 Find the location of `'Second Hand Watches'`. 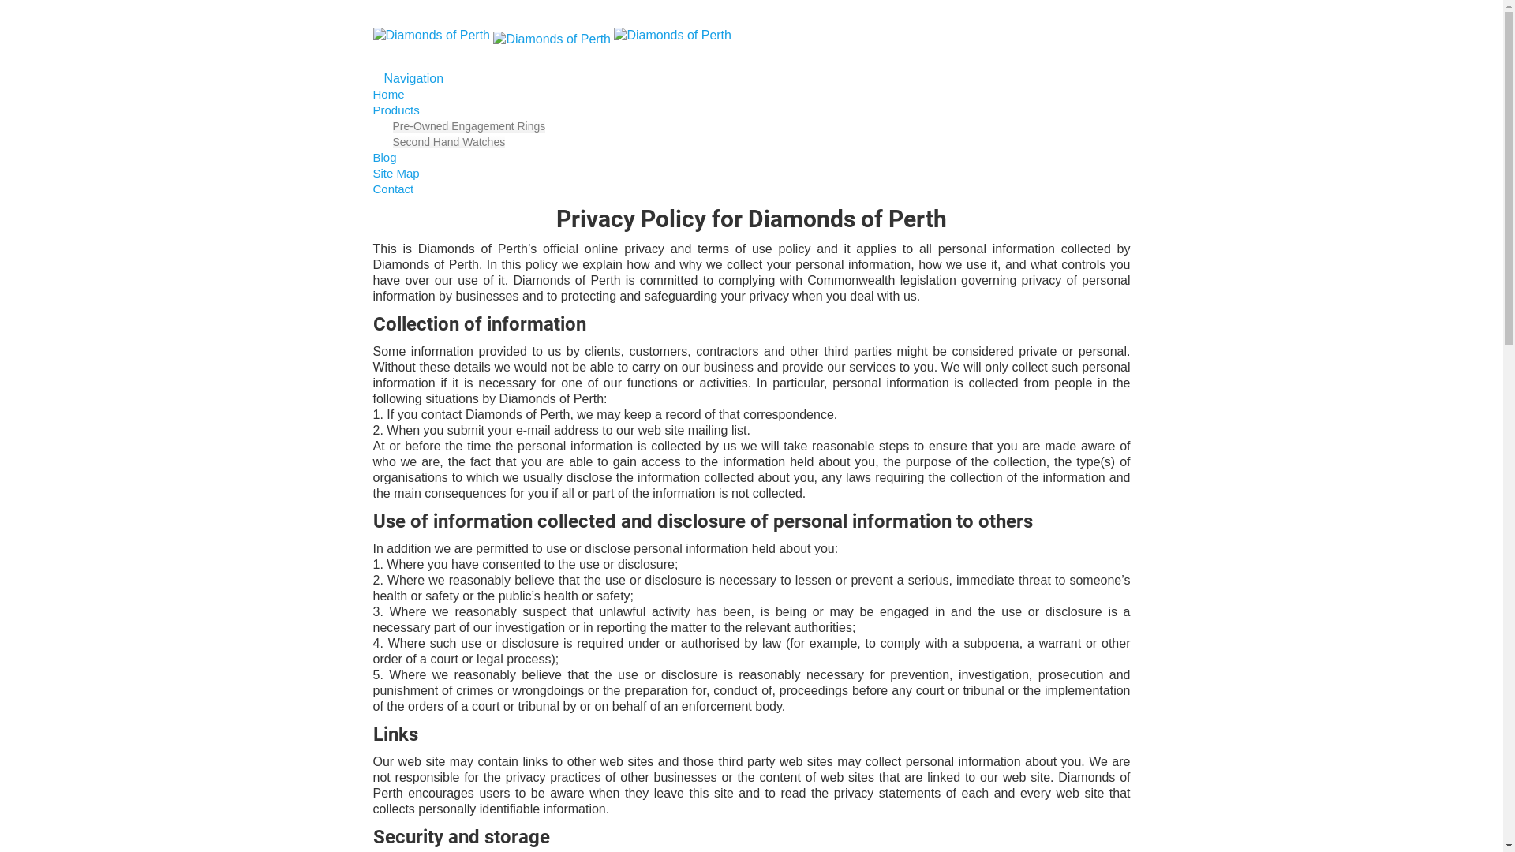

'Second Hand Watches' is located at coordinates (448, 142).